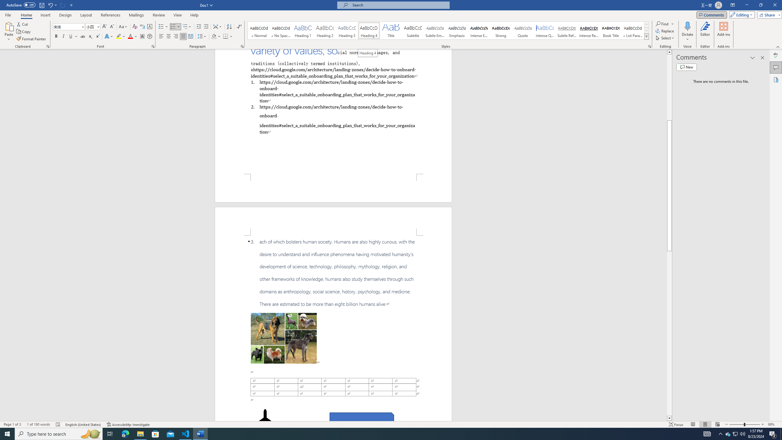  Describe the element at coordinates (545, 30) in the screenshot. I see `'Intense Quote'` at that location.